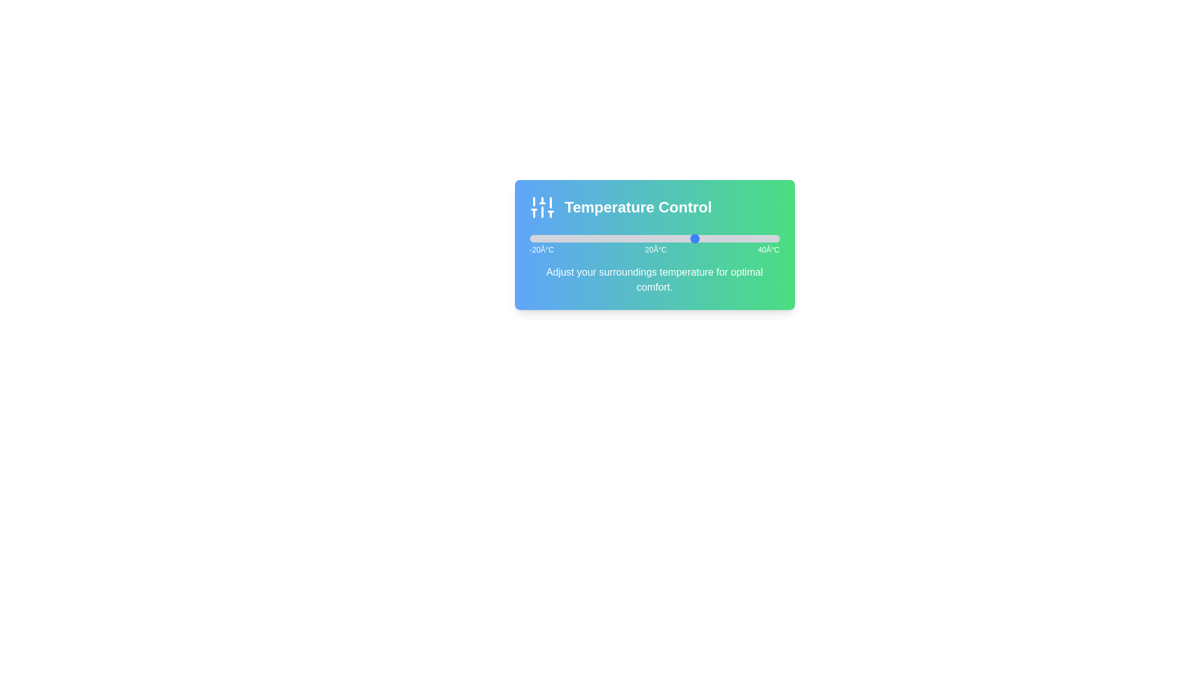 Image resolution: width=1200 pixels, height=675 pixels. What do you see at coordinates (700, 238) in the screenshot?
I see `the temperature slider to 21°C` at bounding box center [700, 238].